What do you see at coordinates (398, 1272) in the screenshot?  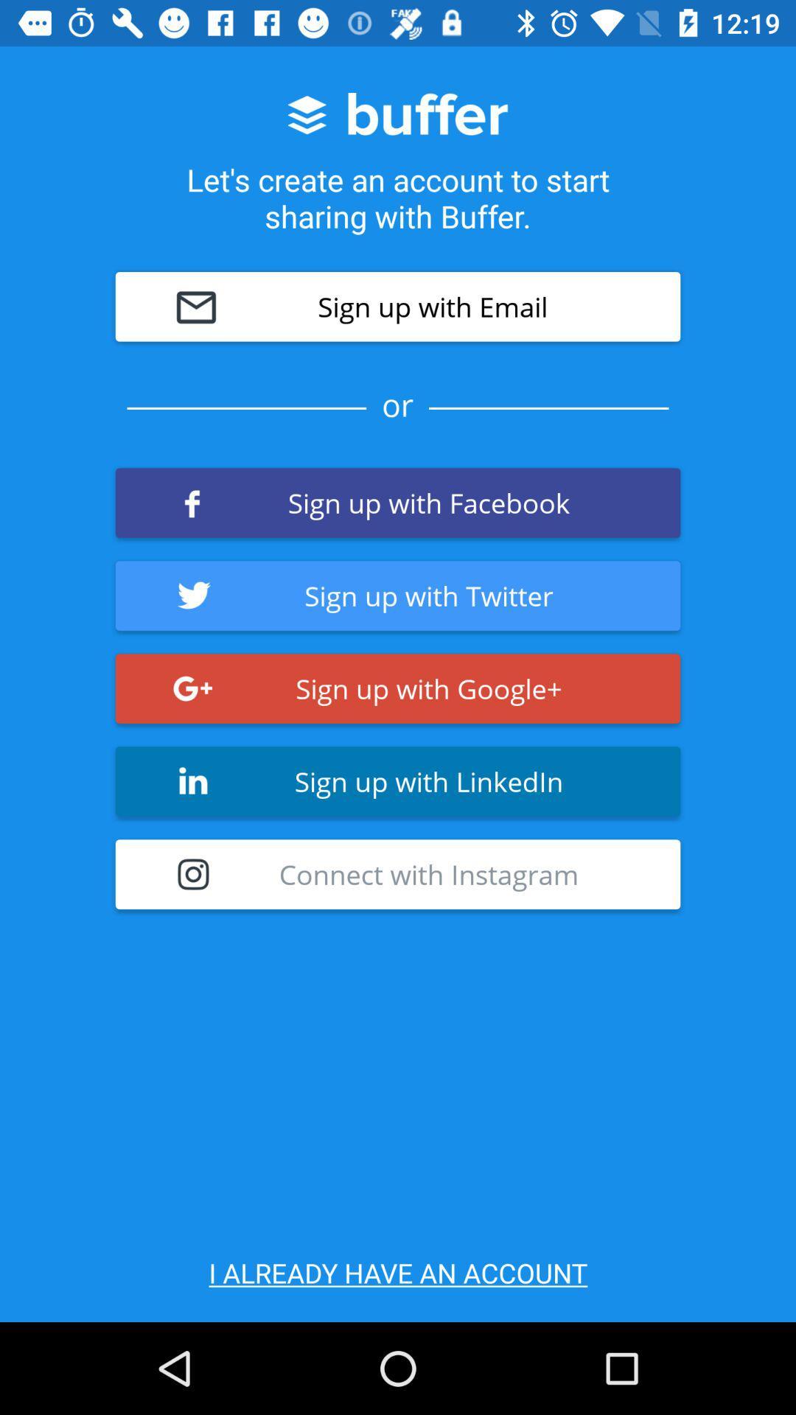 I see `i already have icon` at bounding box center [398, 1272].